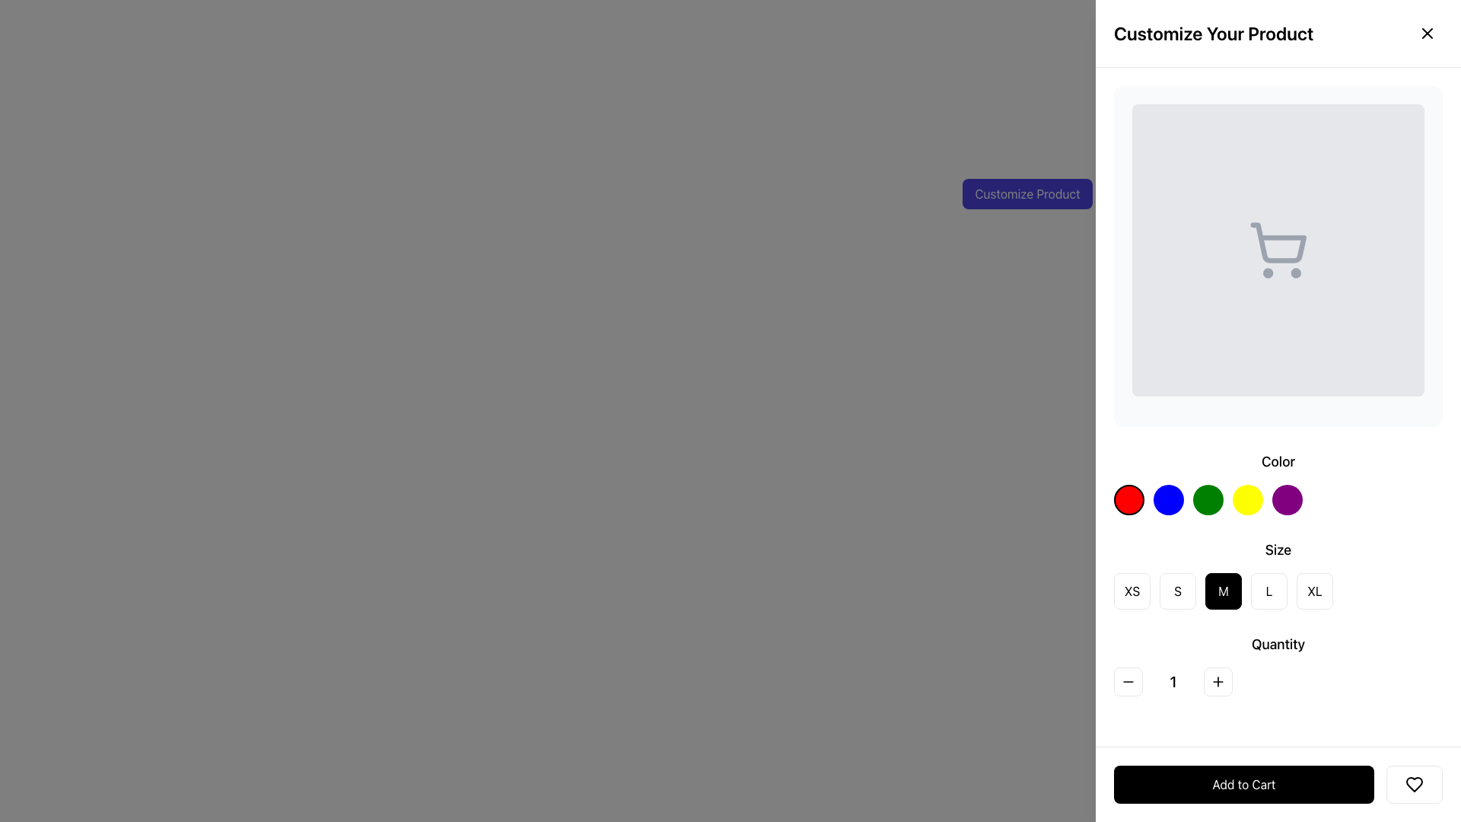 The height and width of the screenshot is (822, 1461). What do you see at coordinates (1172, 680) in the screenshot?
I see `the text display showing the numeric value '1' which is bold and centralized, located between the decrement and increment buttons in the quantity adjustment row` at bounding box center [1172, 680].